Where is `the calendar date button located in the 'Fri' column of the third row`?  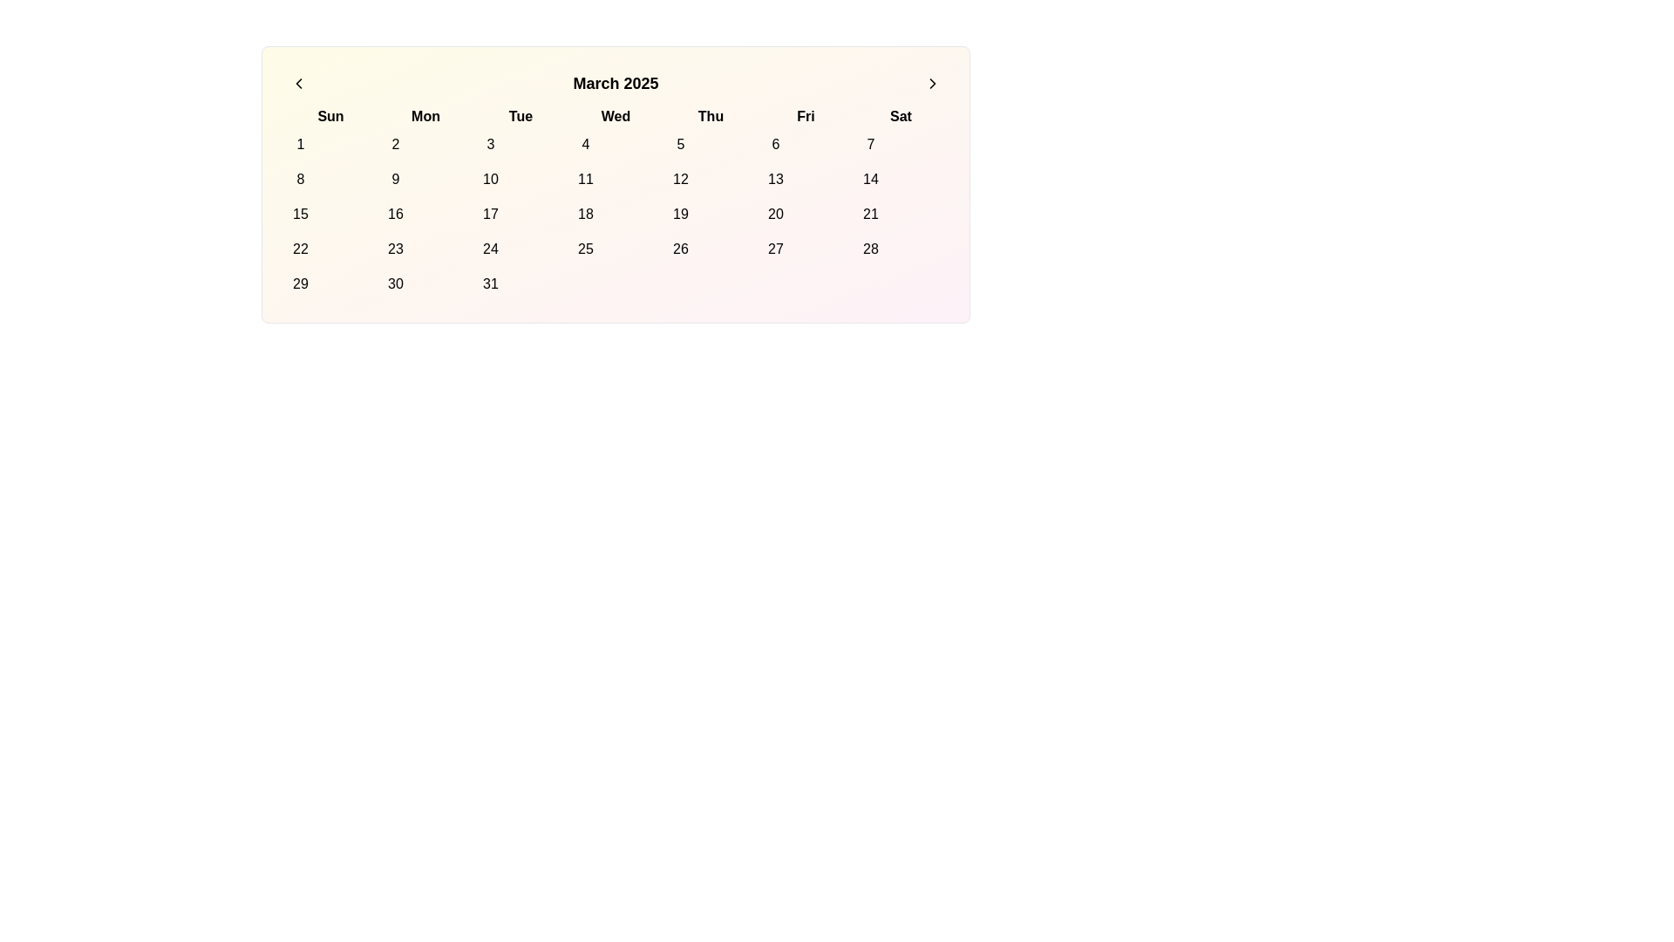 the calendar date button located in the 'Fri' column of the third row is located at coordinates (774, 214).